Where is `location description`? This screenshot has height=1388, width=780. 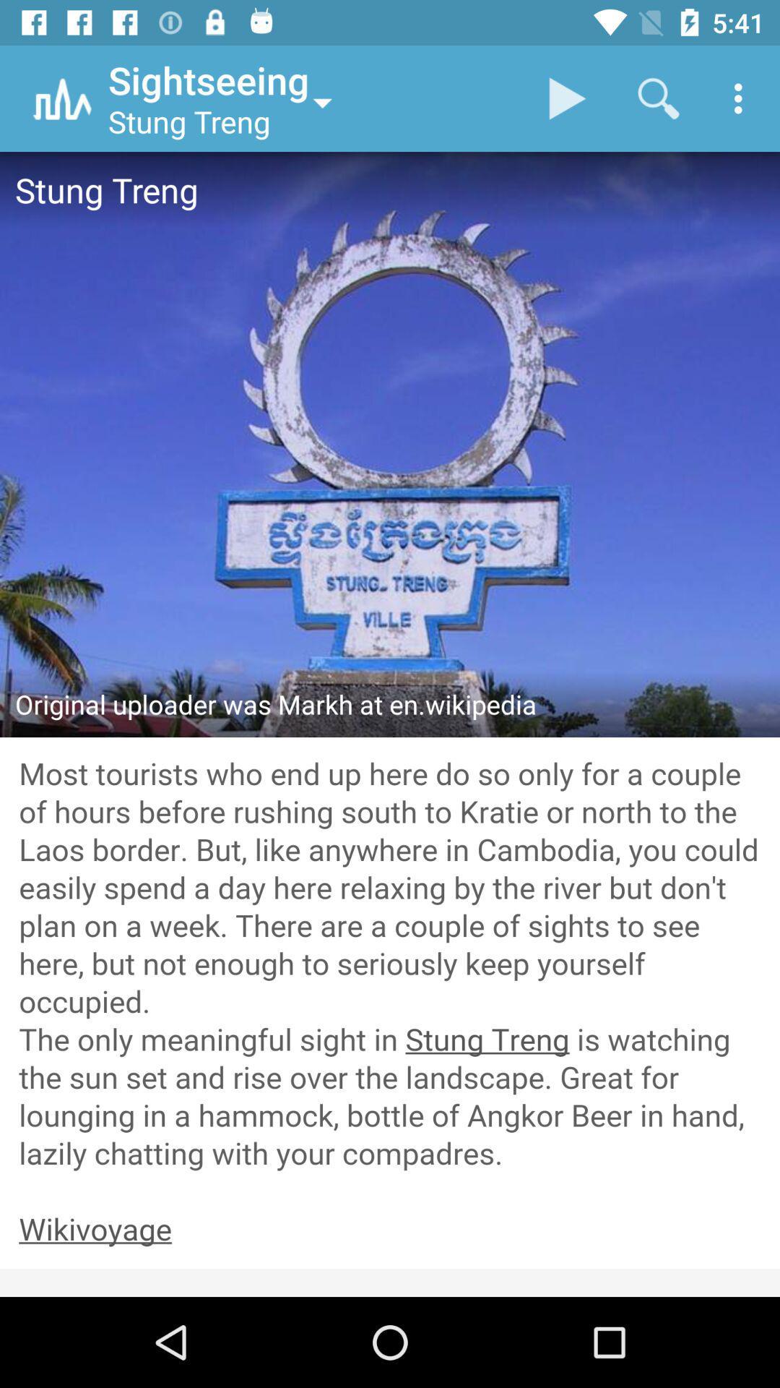 location description is located at coordinates (390, 964).